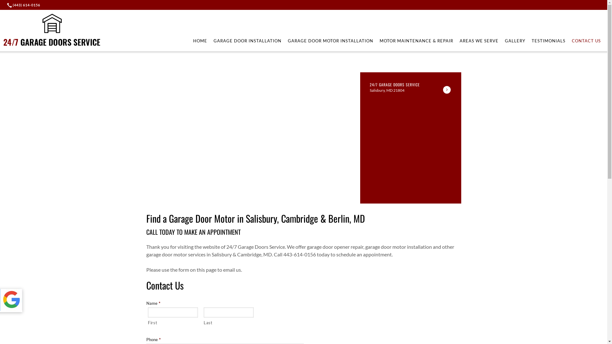 The image size is (612, 344). I want to click on 'TESTIMONIALS', so click(548, 40).